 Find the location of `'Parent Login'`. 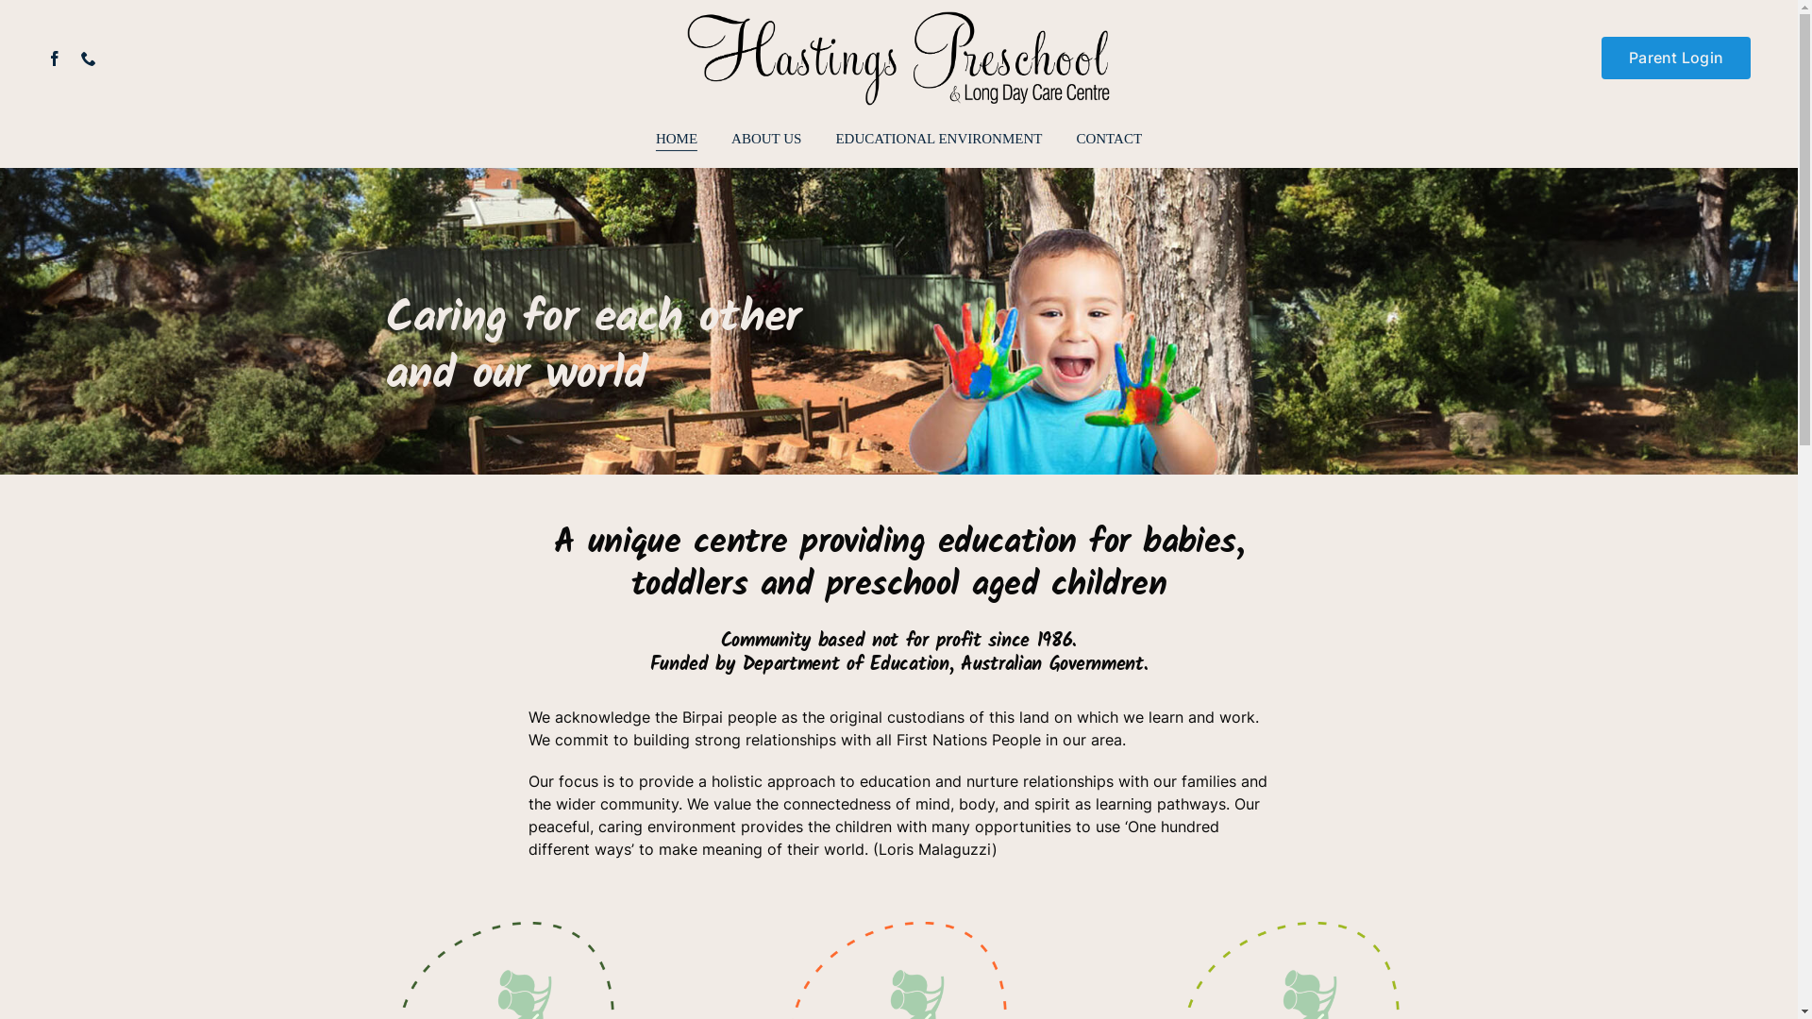

'Parent Login' is located at coordinates (1601, 57).